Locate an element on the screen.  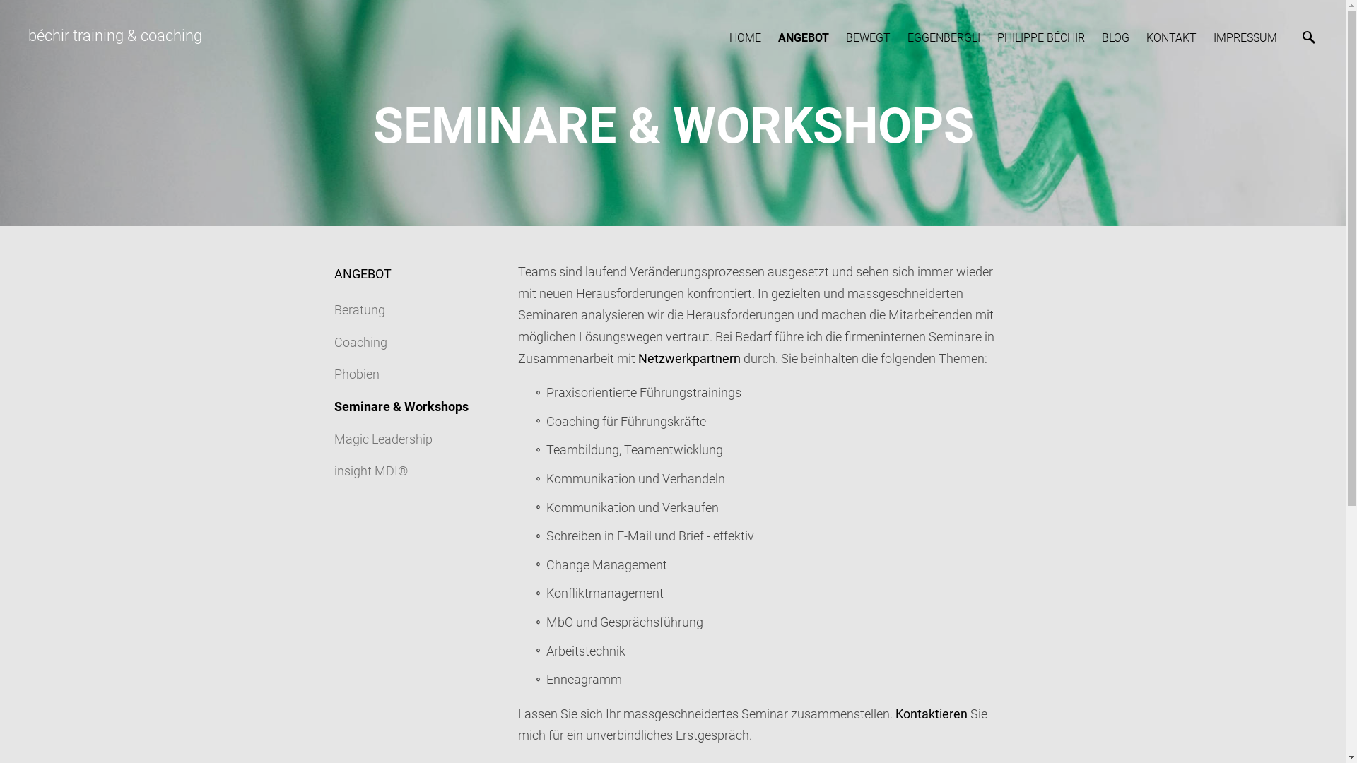
'Kontaktieren' is located at coordinates (930, 714).